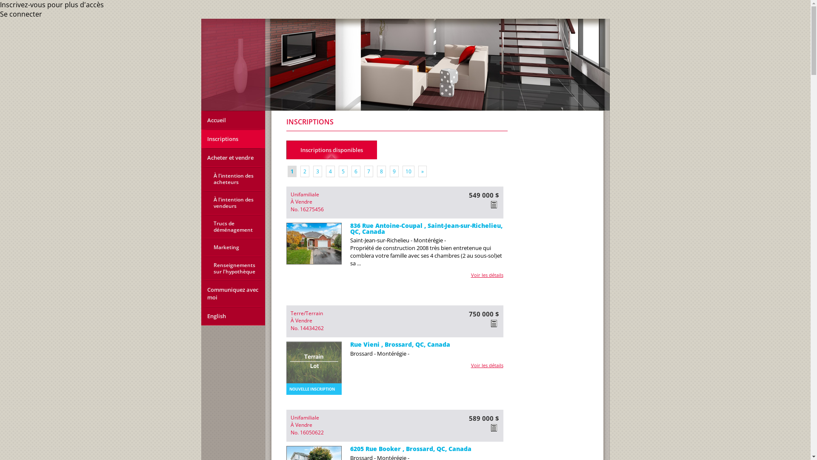 The height and width of the screenshot is (460, 817). Describe the element at coordinates (356, 171) in the screenshot. I see `'6'` at that location.